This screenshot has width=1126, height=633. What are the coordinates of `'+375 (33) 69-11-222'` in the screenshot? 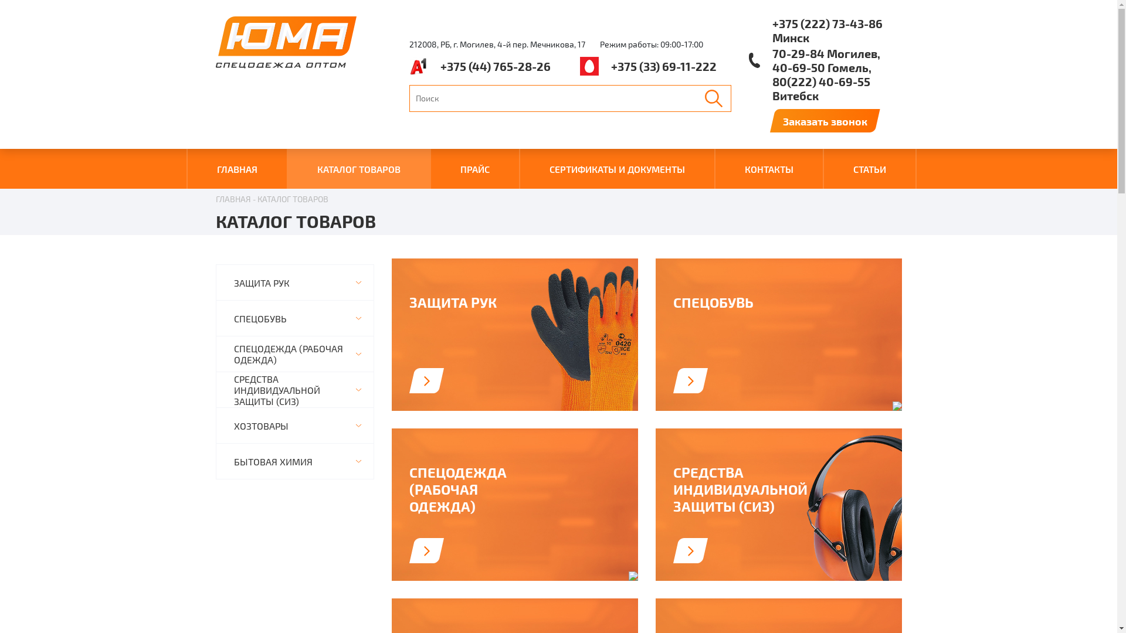 It's located at (647, 65).